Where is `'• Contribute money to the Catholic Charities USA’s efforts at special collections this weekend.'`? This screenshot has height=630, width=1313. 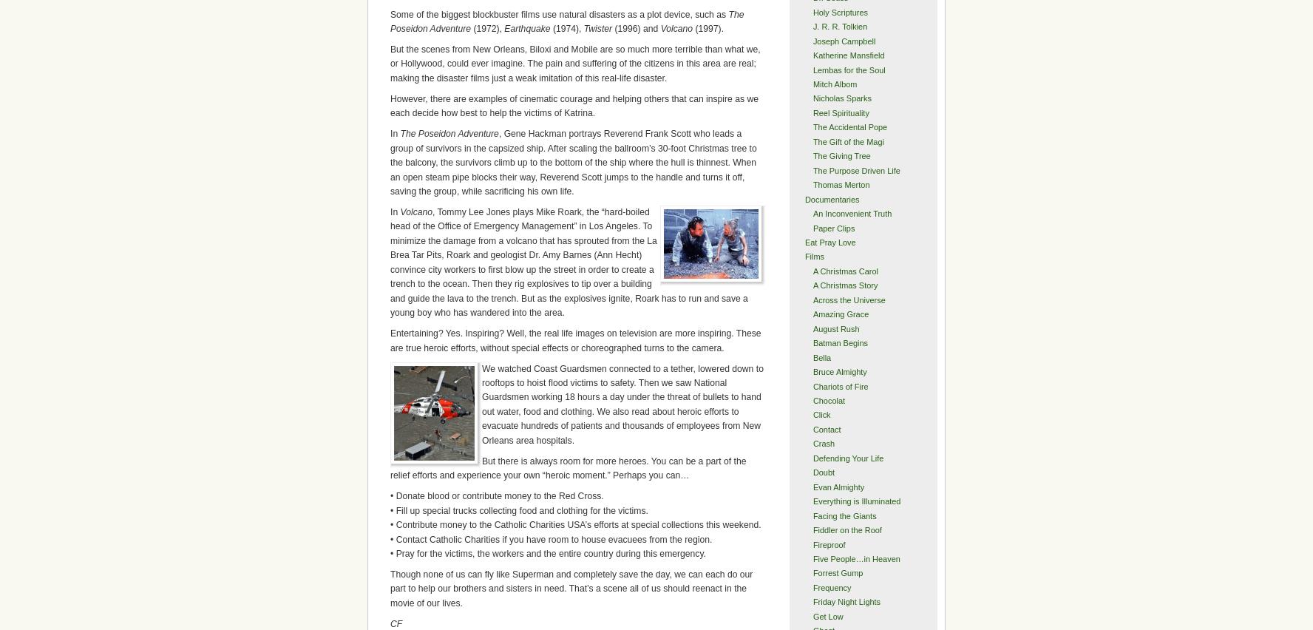 '• Contribute money to the Catholic Charities USA’s efforts at special collections this weekend.' is located at coordinates (574, 524).